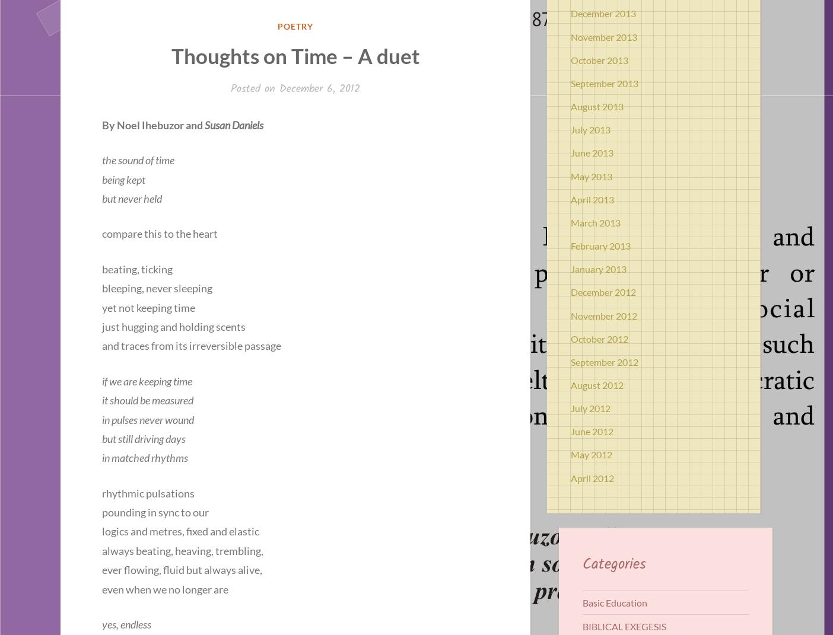 The height and width of the screenshot is (635, 833). What do you see at coordinates (600, 245) in the screenshot?
I see `'February 2013'` at bounding box center [600, 245].